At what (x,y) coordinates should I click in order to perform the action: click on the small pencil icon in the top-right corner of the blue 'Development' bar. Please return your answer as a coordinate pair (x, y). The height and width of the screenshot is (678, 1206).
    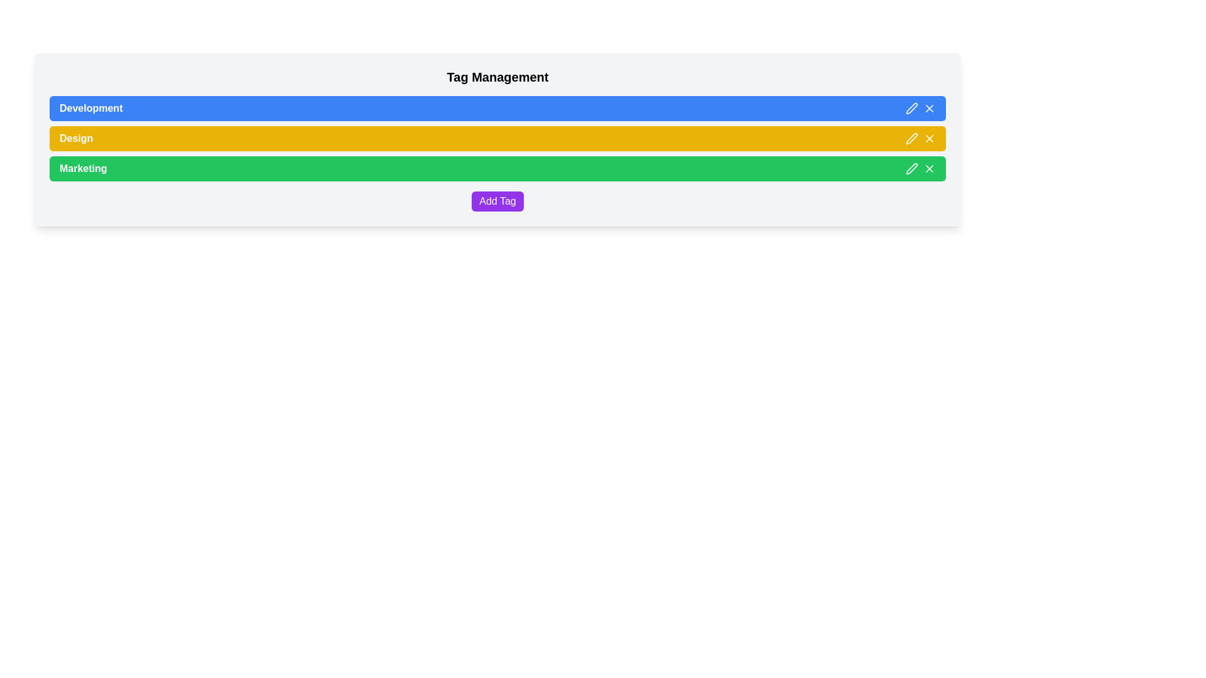
    Looking at the image, I should click on (911, 107).